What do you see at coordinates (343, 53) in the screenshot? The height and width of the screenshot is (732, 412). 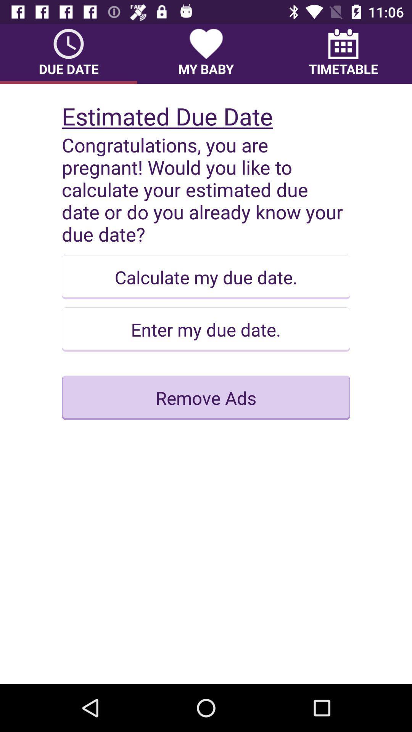 I see `timetable icon` at bounding box center [343, 53].